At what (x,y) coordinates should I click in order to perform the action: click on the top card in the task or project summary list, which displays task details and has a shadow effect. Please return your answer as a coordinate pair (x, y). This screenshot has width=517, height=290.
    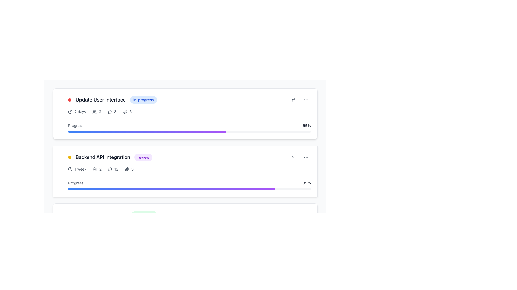
    Looking at the image, I should click on (190, 114).